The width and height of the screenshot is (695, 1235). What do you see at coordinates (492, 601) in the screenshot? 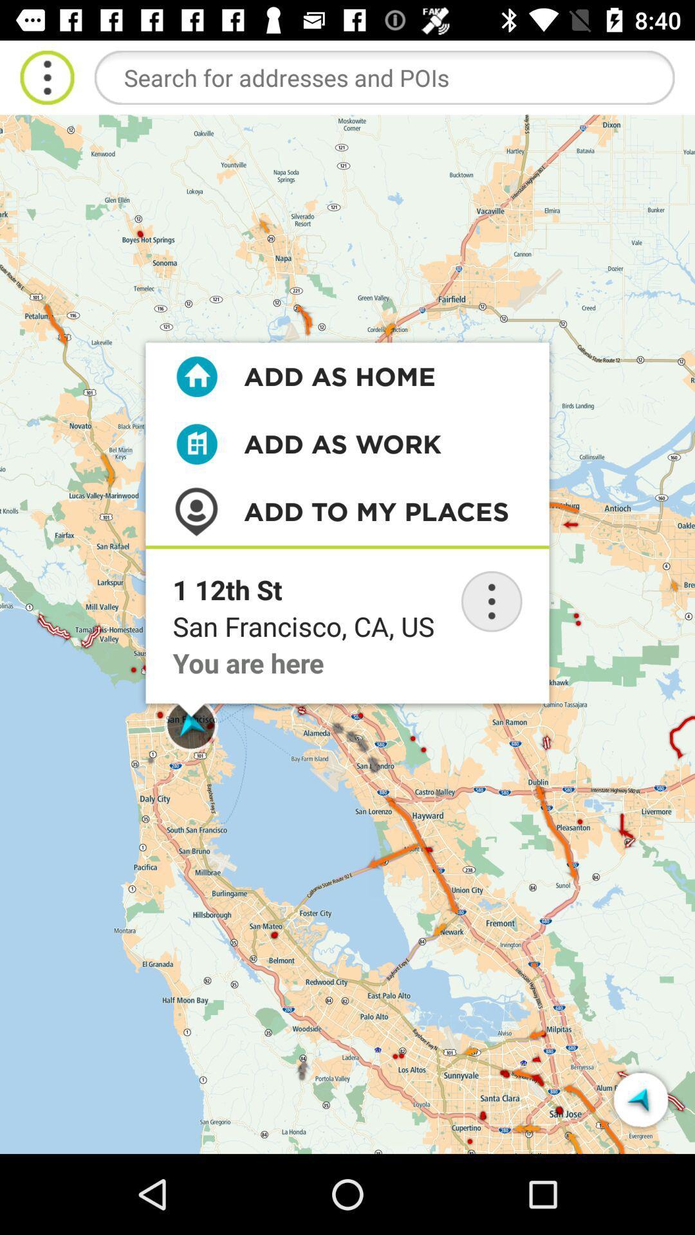
I see `location watch option` at bounding box center [492, 601].